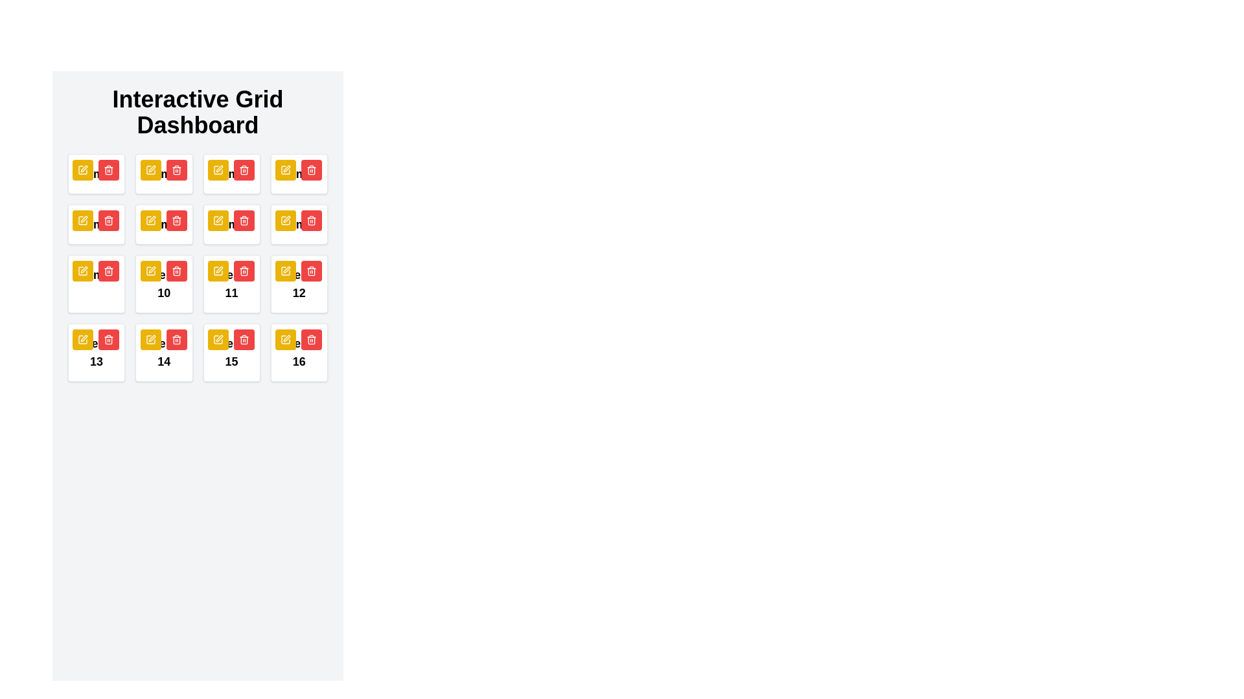 The image size is (1244, 699). Describe the element at coordinates (219, 338) in the screenshot. I see `the edit pen icon, which is a graphical icon resembling a pen located within the grid item labeled '15', near the delete icon` at that location.